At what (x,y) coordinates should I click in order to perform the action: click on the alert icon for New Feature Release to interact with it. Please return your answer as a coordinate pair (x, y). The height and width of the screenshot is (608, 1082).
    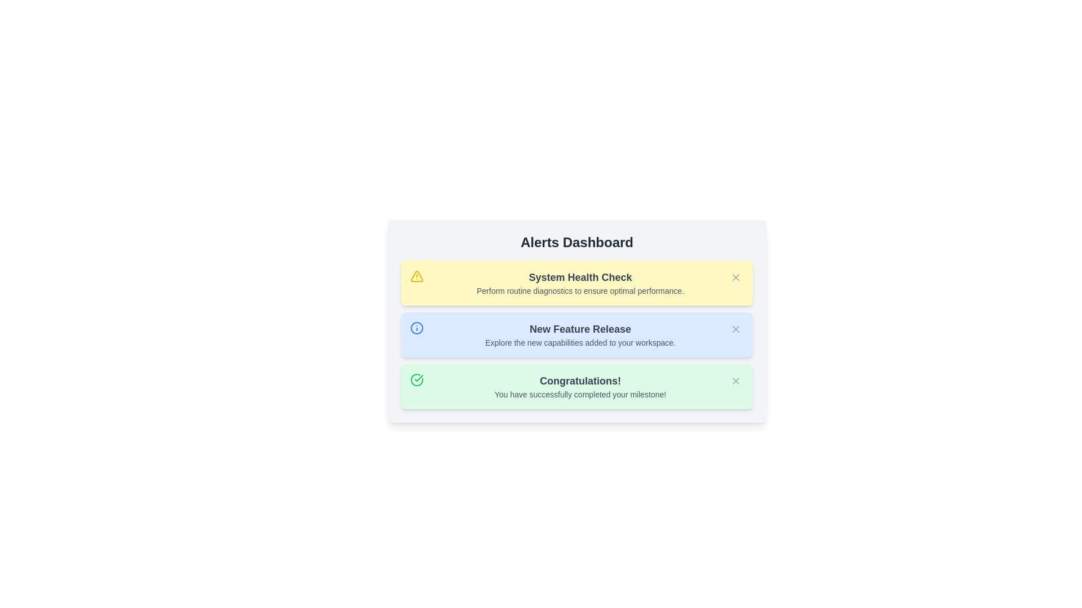
    Looking at the image, I should click on (416, 328).